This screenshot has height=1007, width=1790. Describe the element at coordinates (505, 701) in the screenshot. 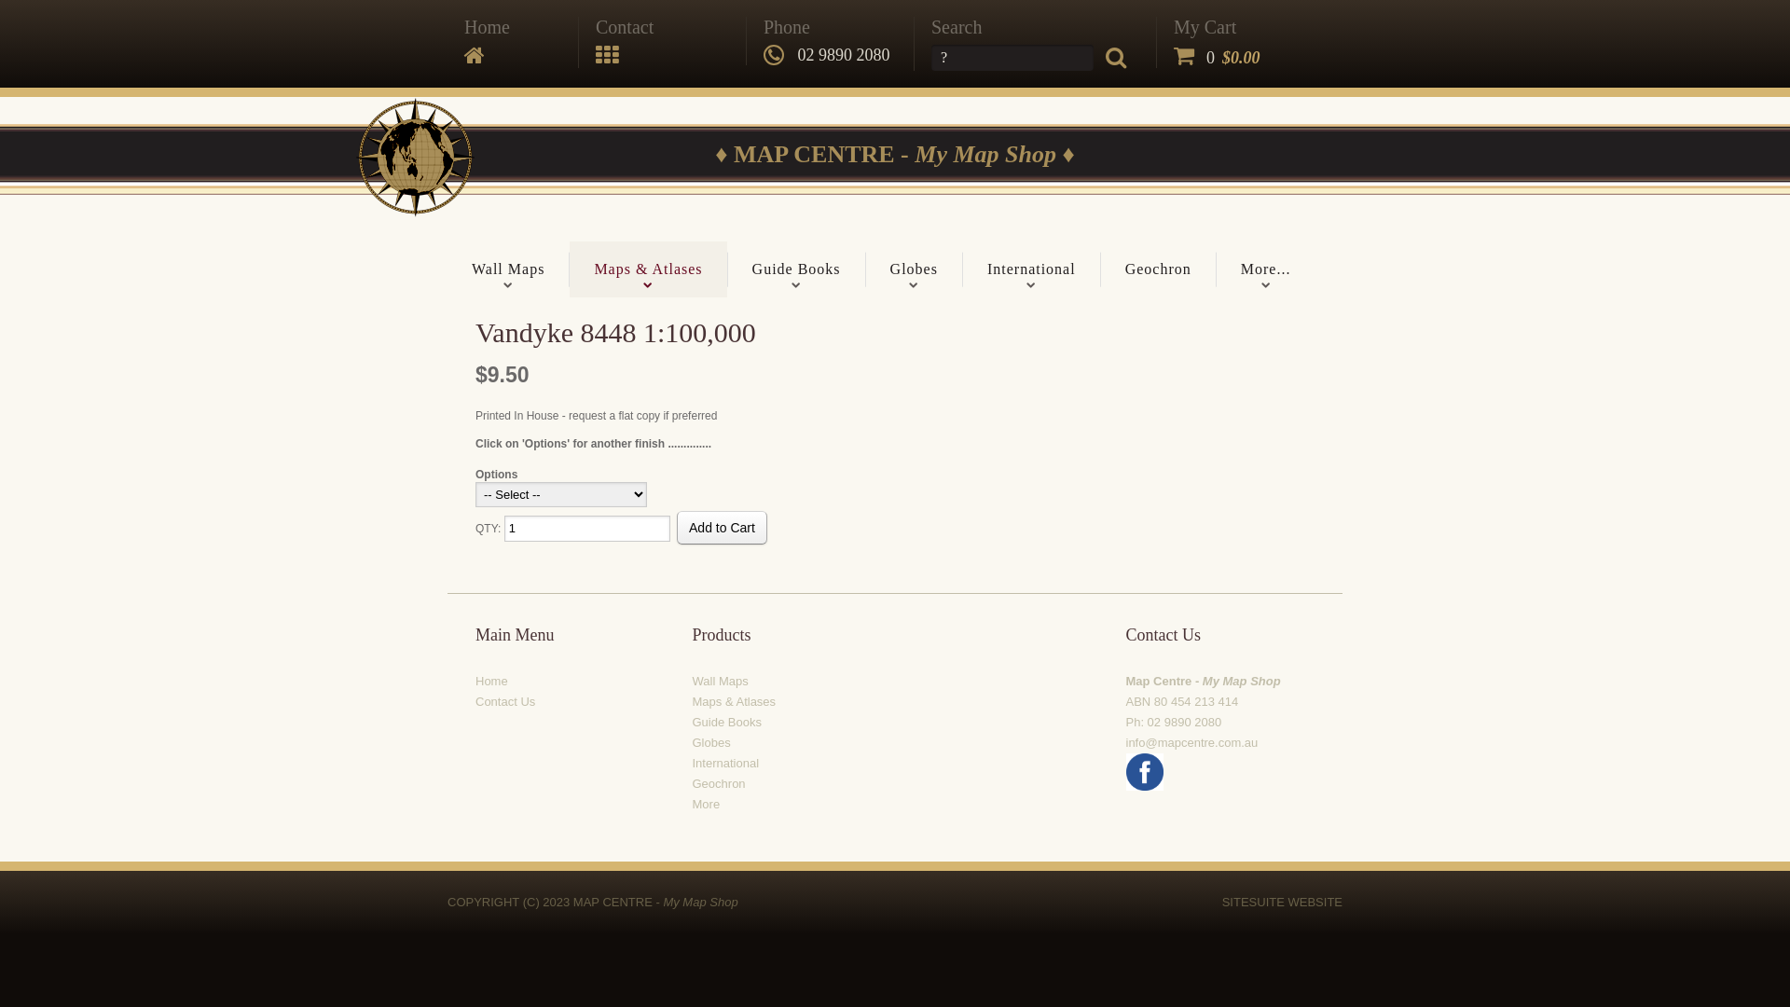

I see `'Contact Us'` at that location.